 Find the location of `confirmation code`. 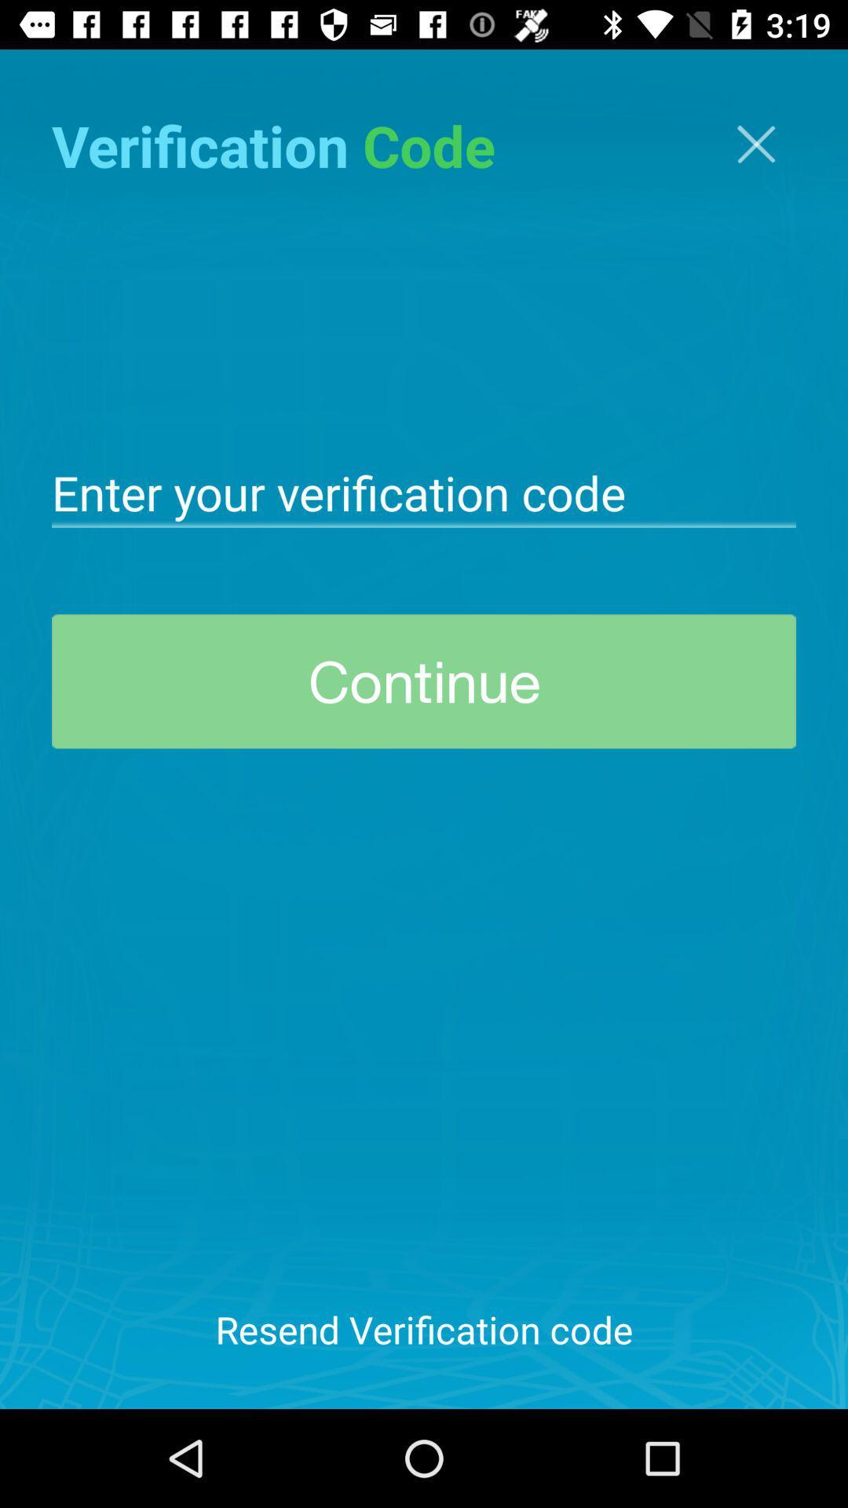

confirmation code is located at coordinates (424, 490).